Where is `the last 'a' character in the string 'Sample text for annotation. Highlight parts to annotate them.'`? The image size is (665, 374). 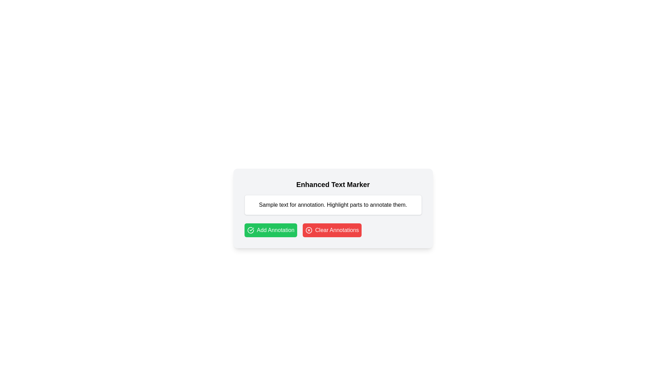
the last 'a' character in the string 'Sample text for annotation. Highlight parts to annotate them.' is located at coordinates (371, 204).